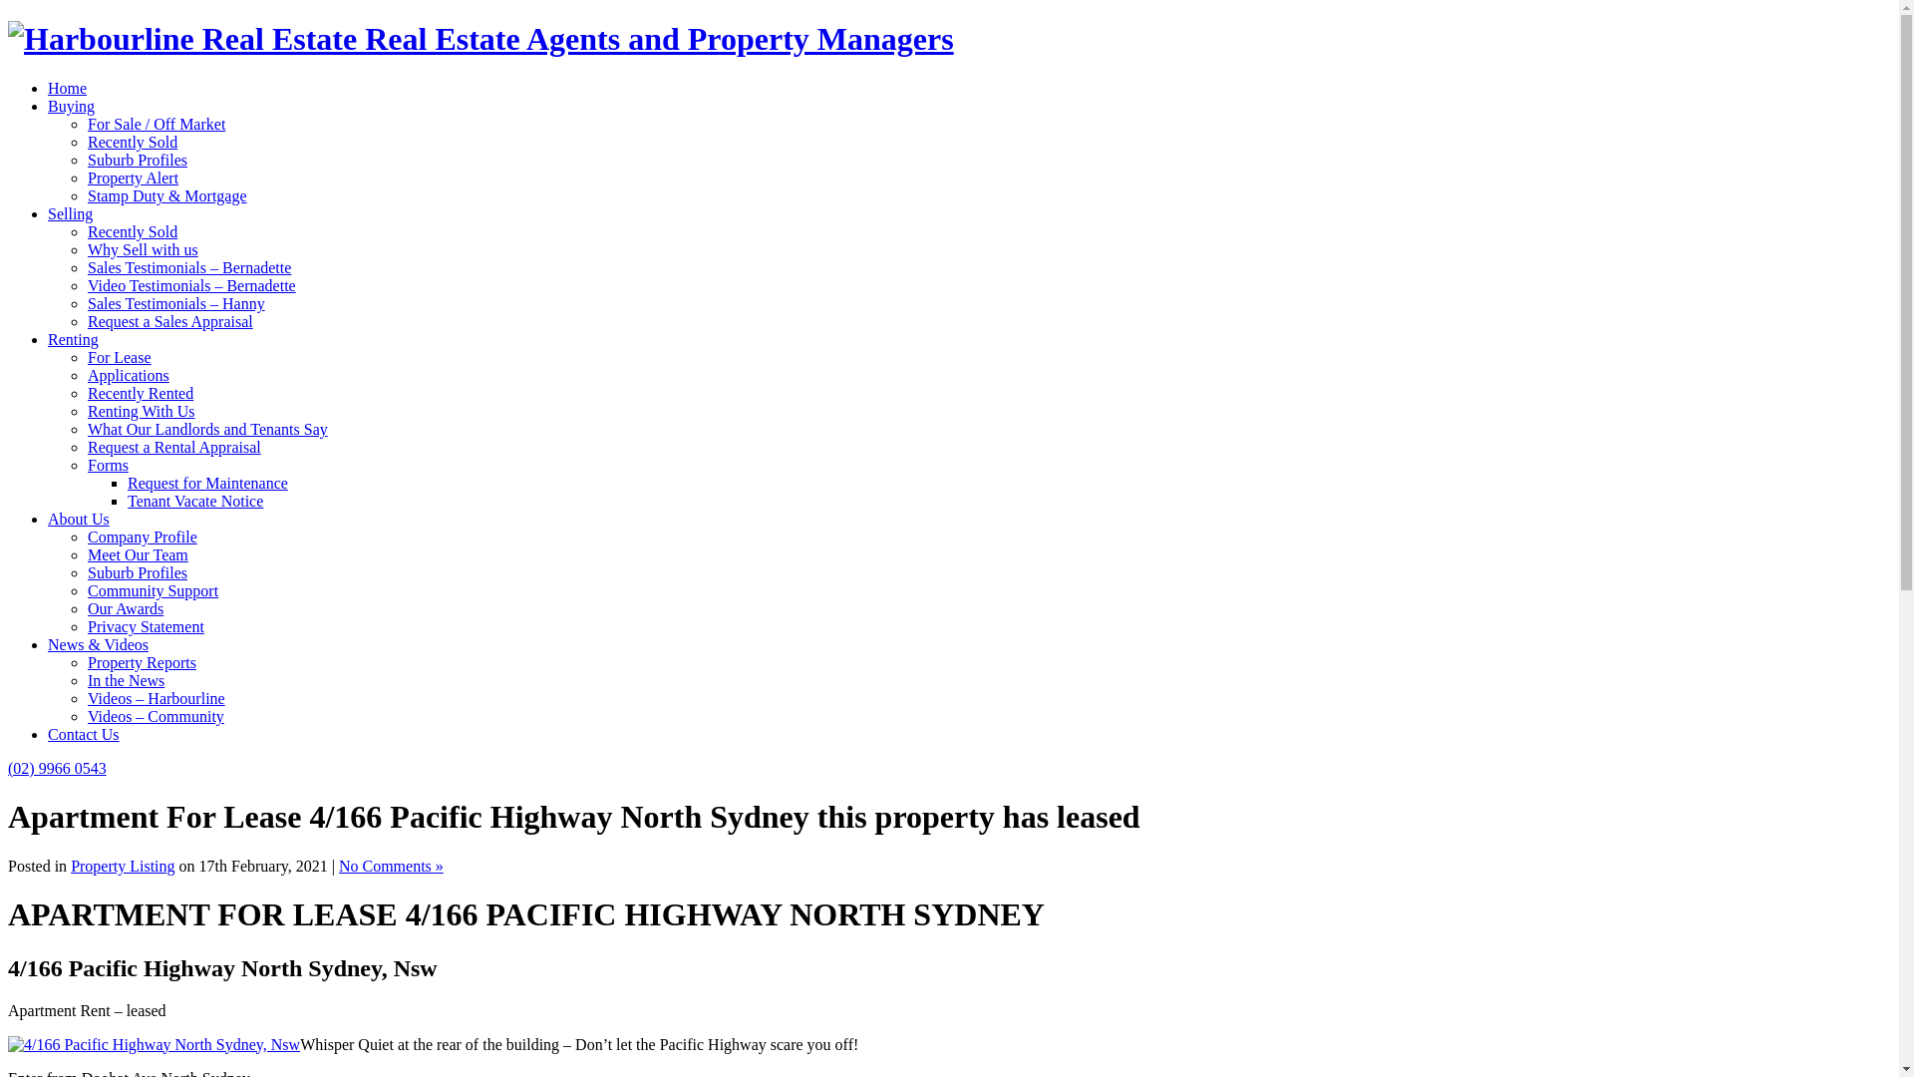 This screenshot has width=1914, height=1077. I want to click on 'Applications', so click(128, 375).